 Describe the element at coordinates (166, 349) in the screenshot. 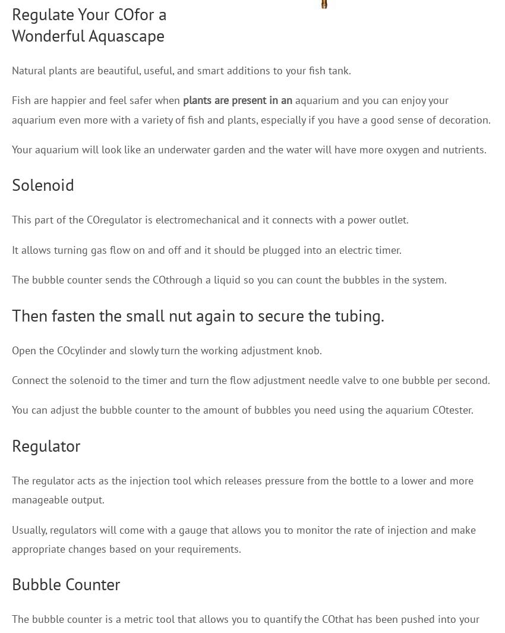

I see `'Open the COcylinder and slowly turn the working adjustment knob.'` at that location.